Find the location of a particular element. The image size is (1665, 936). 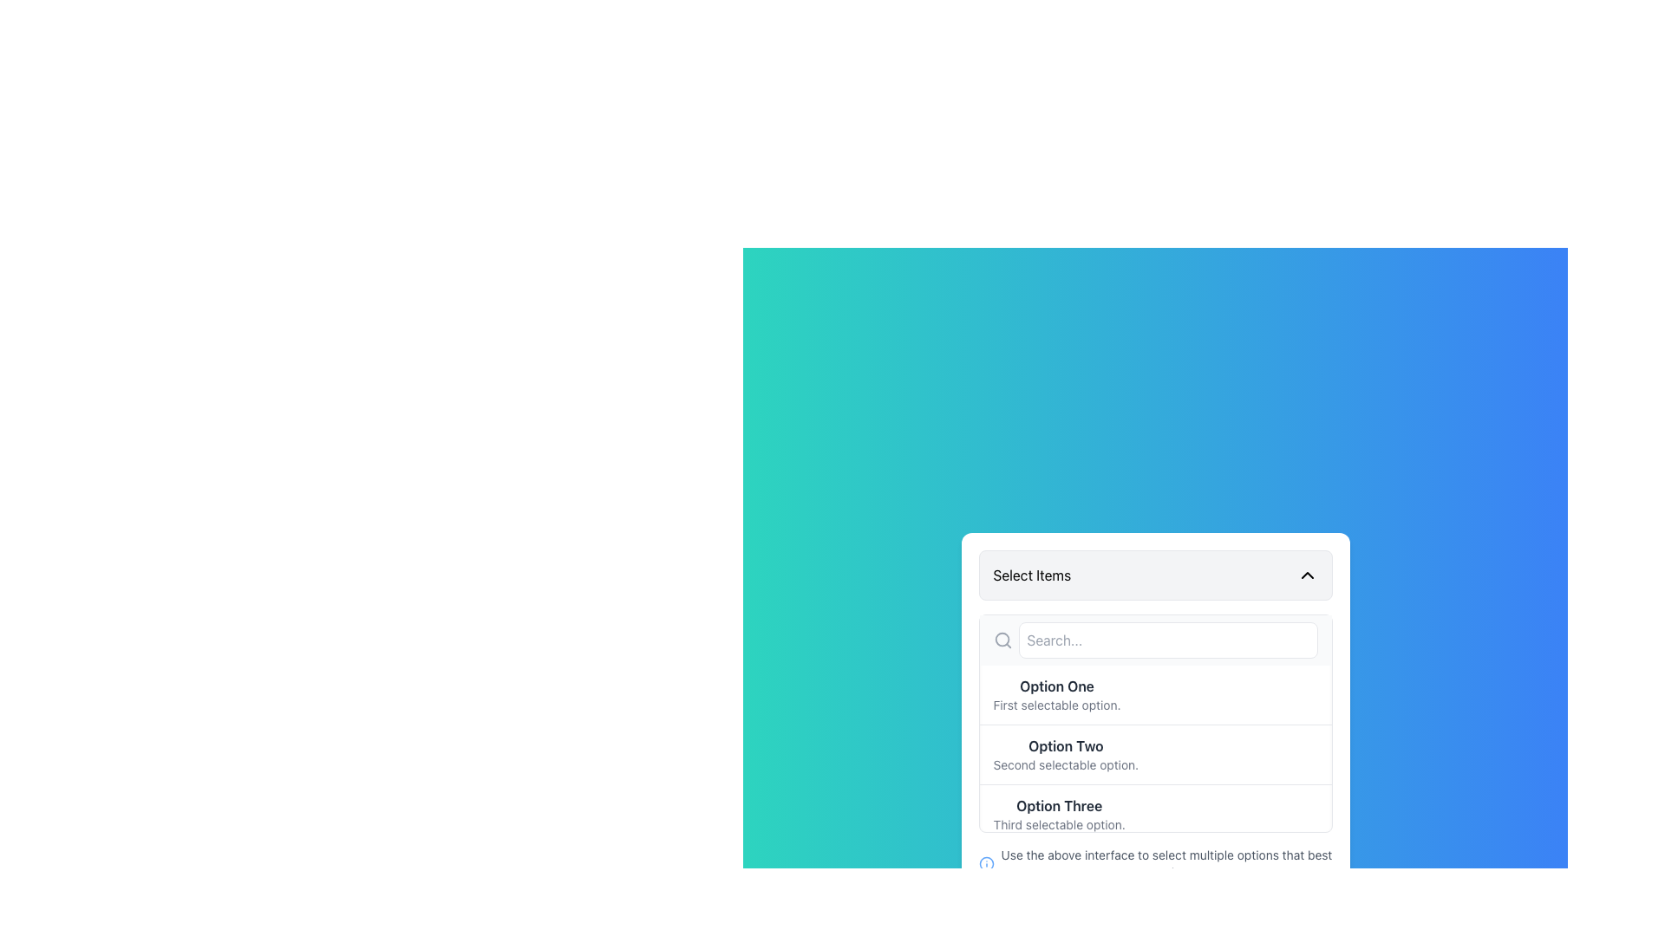

the first List Item element titled 'Option One' is located at coordinates (1056, 694).